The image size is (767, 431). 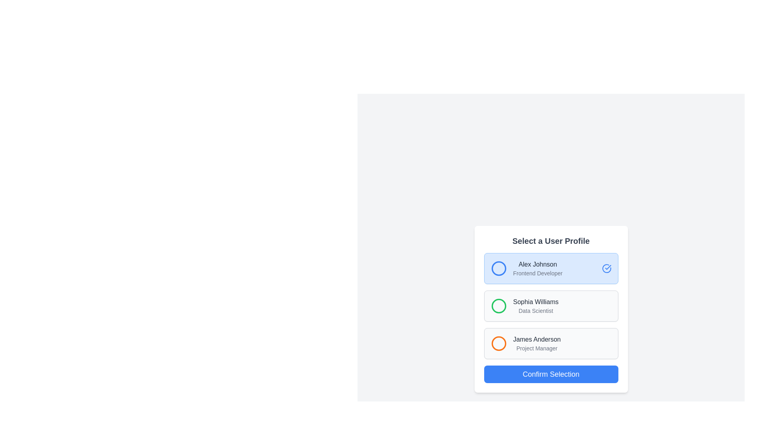 I want to click on the user information card for 'Sophia Williams', the second card in the stack, so click(x=550, y=306).